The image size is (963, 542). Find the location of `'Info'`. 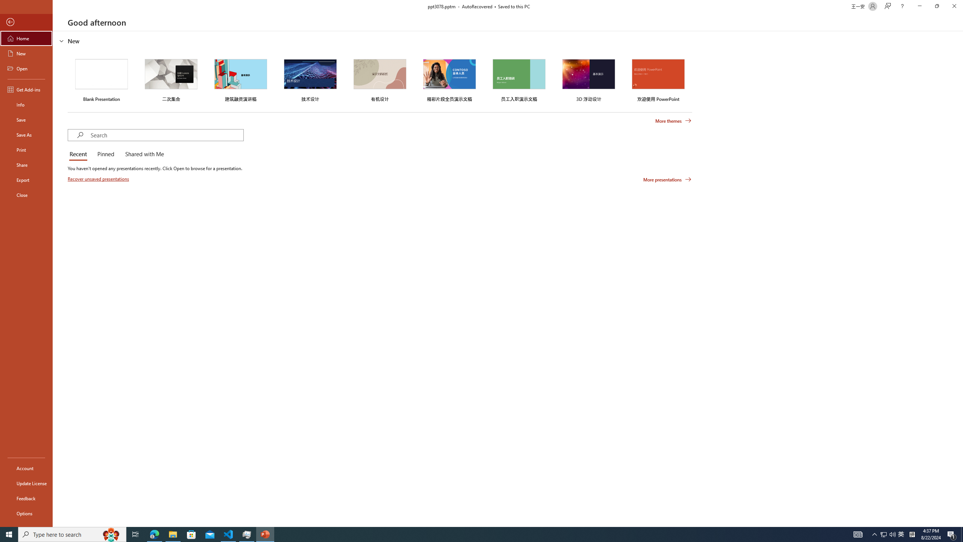

'Info' is located at coordinates (26, 104).